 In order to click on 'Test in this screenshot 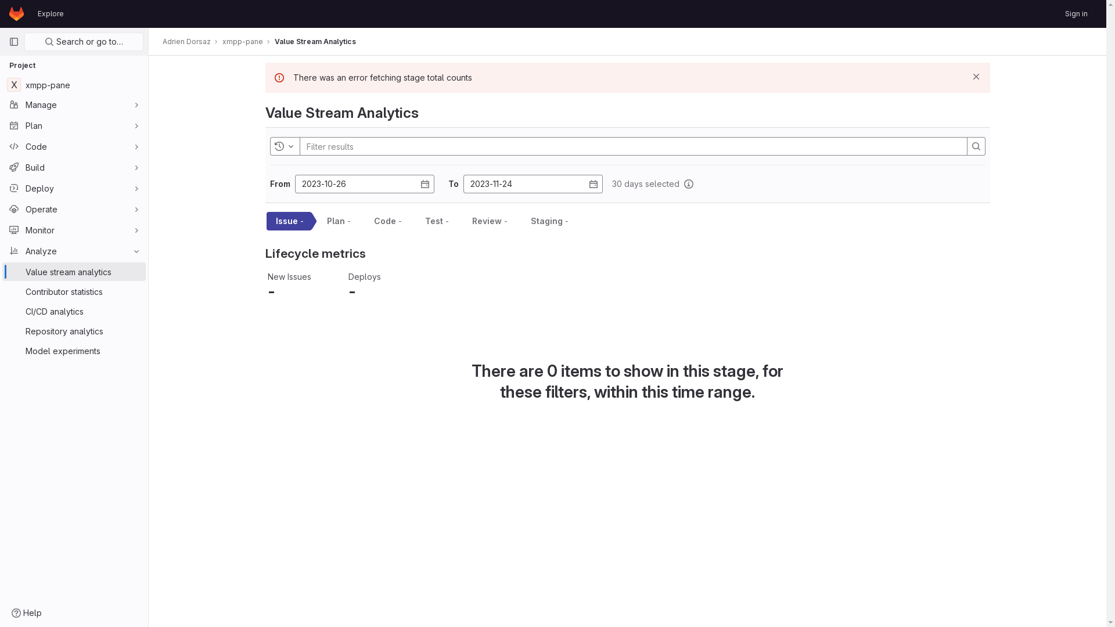, I will do `click(434, 221)`.